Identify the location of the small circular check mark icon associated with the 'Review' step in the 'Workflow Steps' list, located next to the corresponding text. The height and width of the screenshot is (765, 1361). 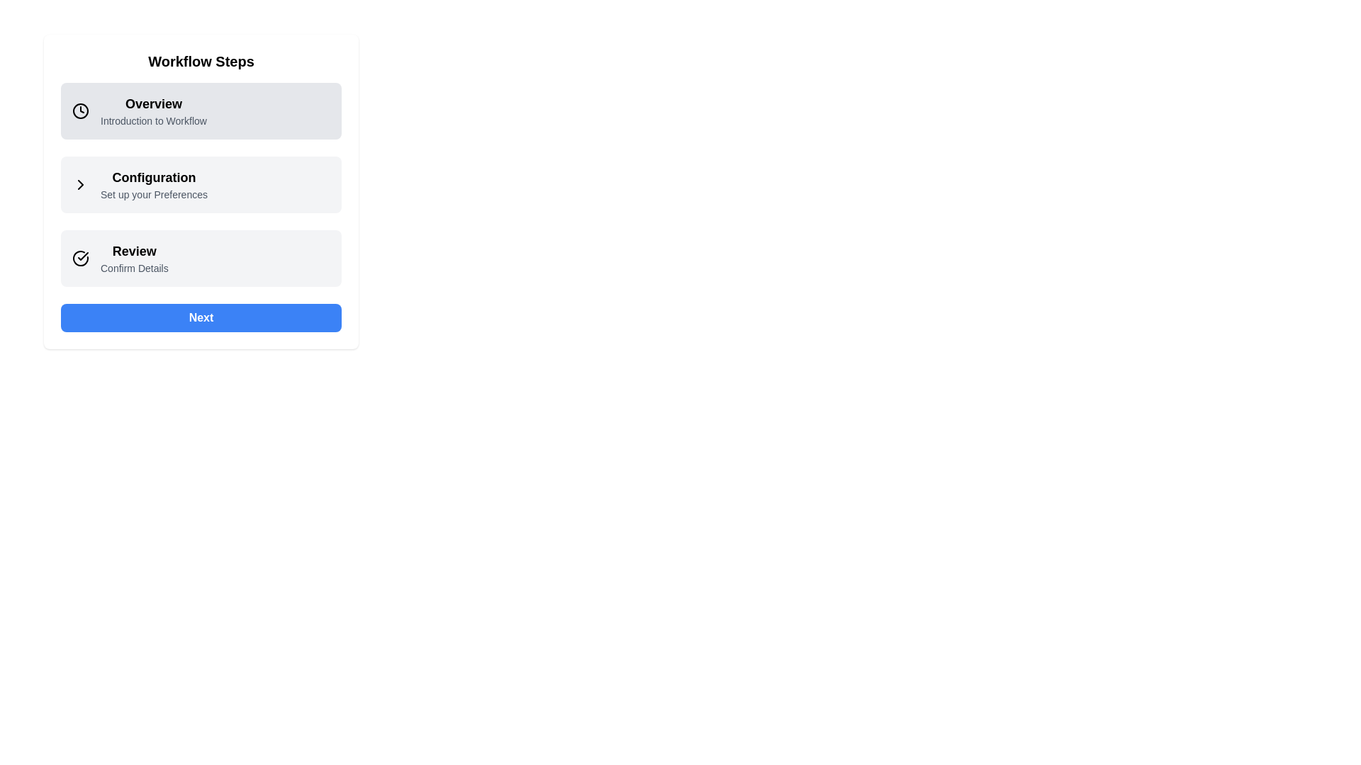
(80, 259).